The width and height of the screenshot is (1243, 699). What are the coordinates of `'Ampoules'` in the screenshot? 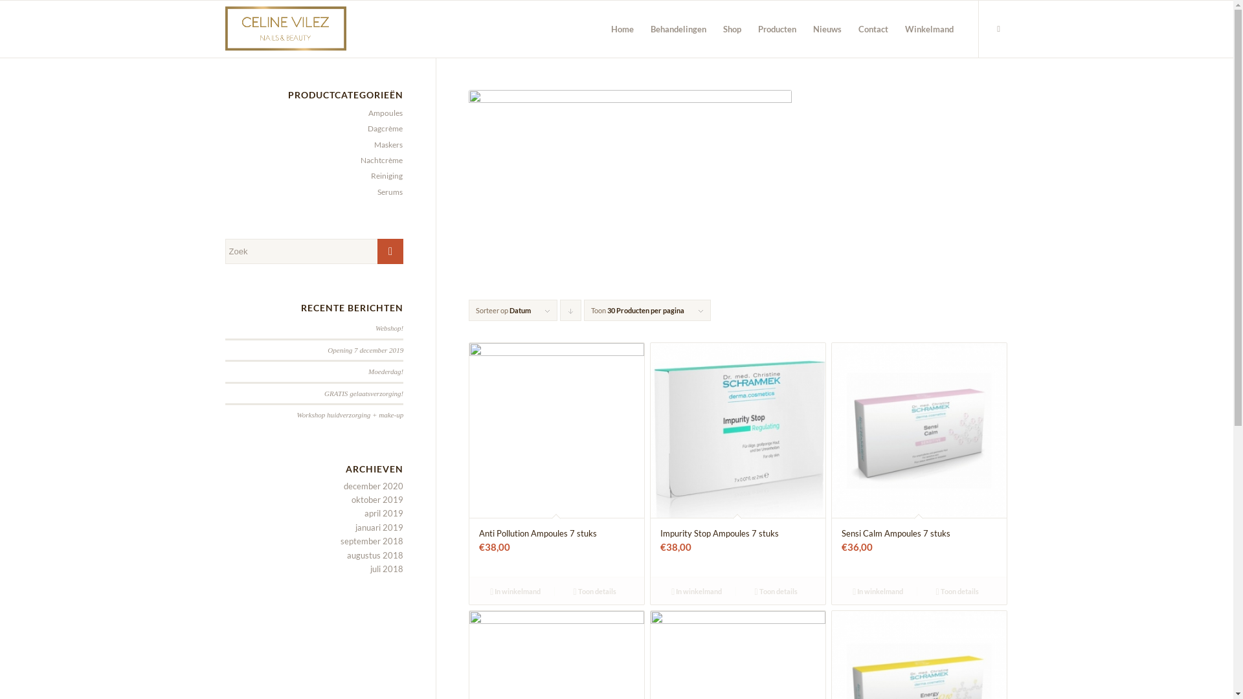 It's located at (381, 112).